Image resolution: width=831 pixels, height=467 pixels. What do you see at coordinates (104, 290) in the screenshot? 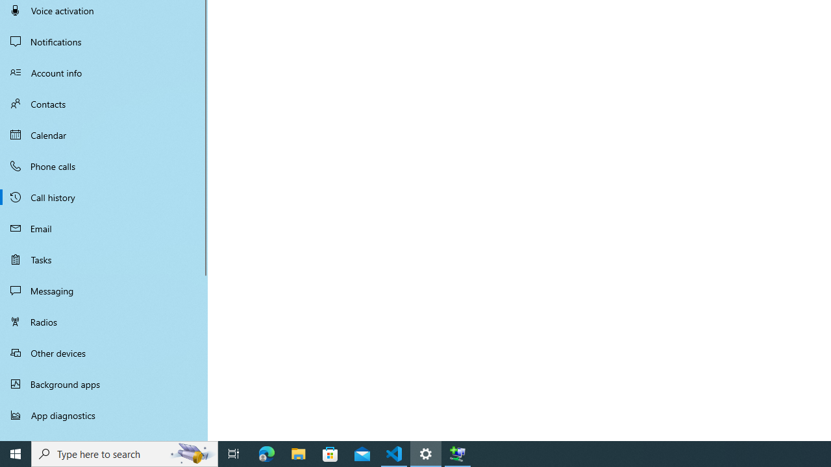
I see `'Messaging'` at bounding box center [104, 290].